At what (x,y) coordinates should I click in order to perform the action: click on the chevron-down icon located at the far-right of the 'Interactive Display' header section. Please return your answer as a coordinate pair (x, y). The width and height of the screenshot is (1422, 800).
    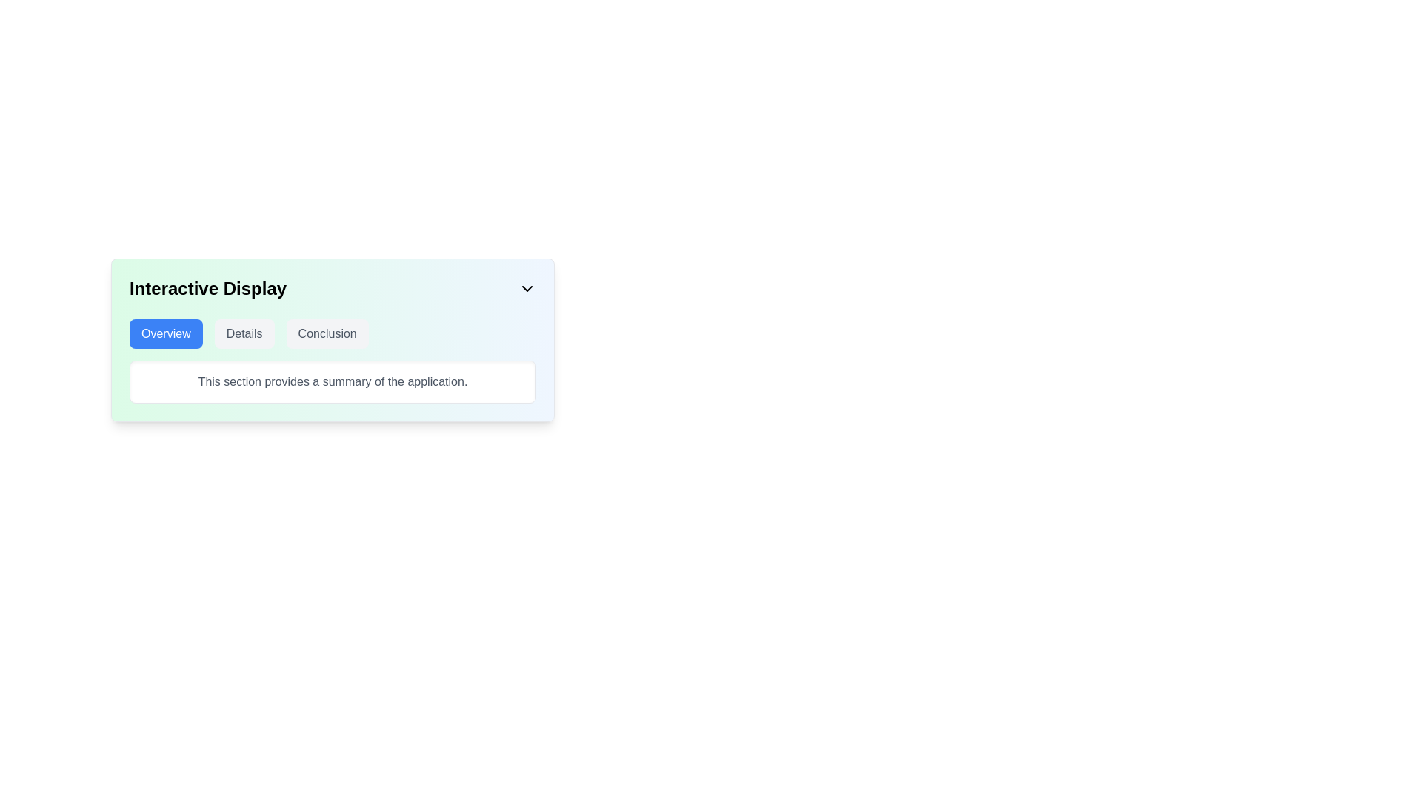
    Looking at the image, I should click on (527, 288).